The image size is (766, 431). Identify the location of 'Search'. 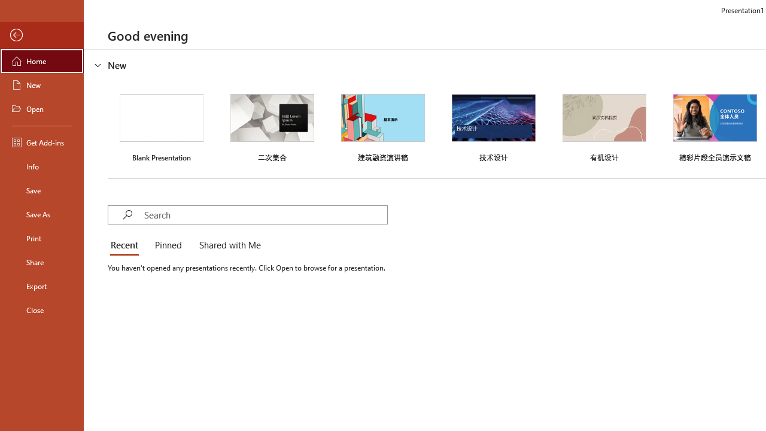
(265, 214).